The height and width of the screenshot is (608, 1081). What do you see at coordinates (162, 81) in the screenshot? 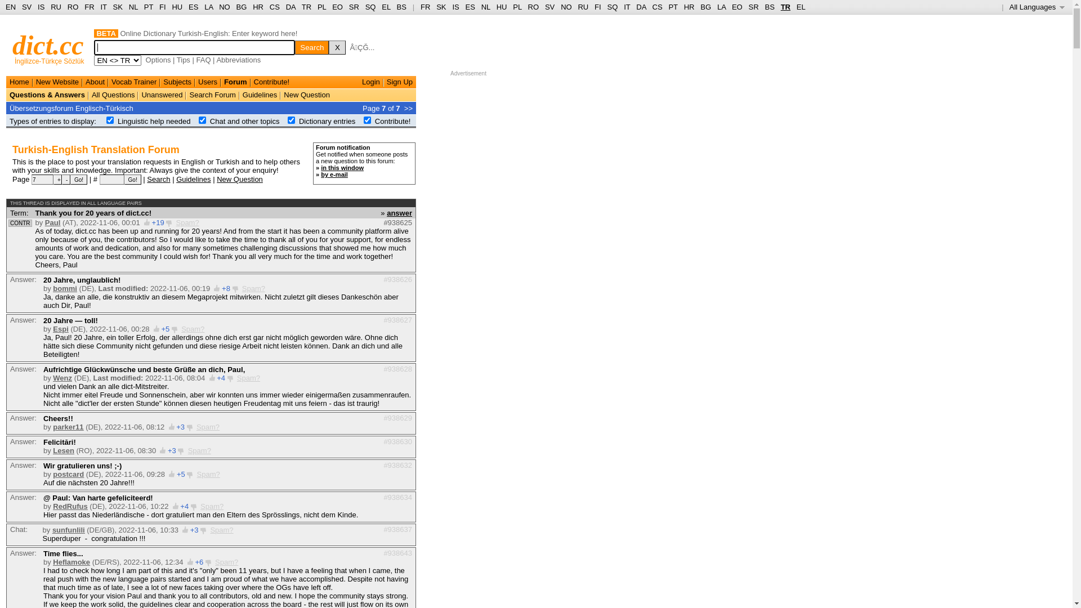
I see `'Subjects'` at bounding box center [162, 81].